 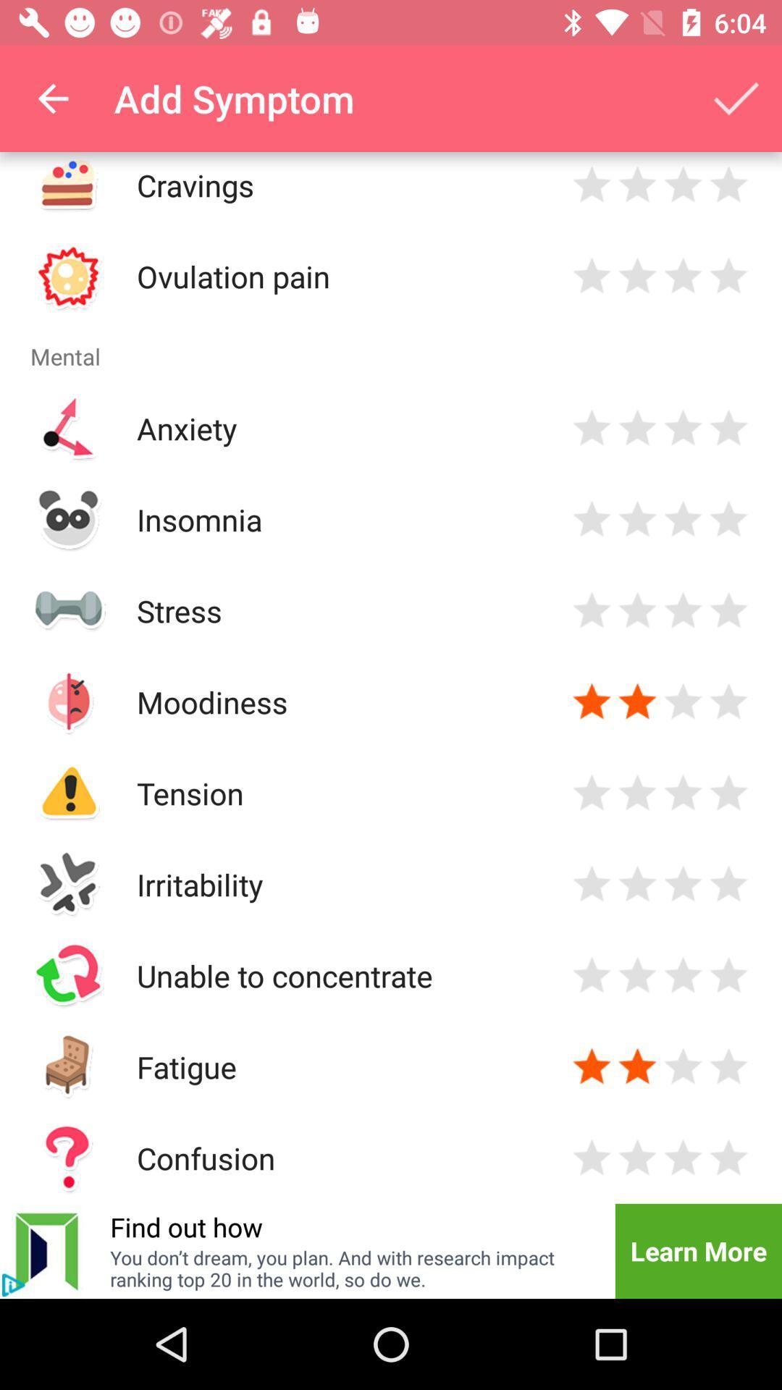 What do you see at coordinates (683, 1157) in the screenshot?
I see `rate 3 stars` at bounding box center [683, 1157].